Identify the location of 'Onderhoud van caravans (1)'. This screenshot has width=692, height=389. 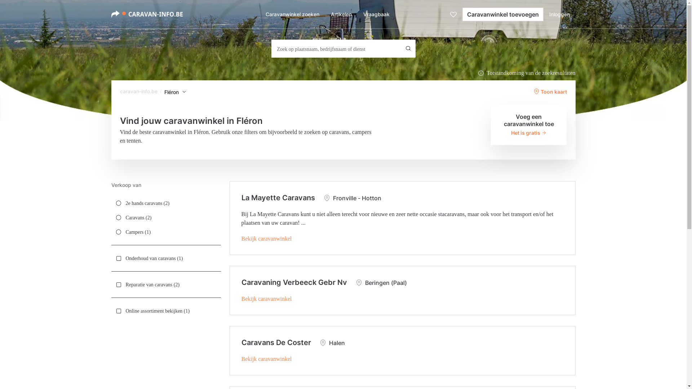
(165, 258).